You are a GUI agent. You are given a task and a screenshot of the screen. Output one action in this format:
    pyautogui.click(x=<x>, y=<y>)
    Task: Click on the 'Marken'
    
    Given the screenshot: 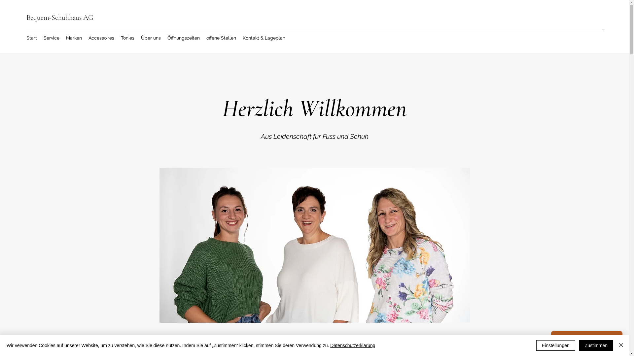 What is the action you would take?
    pyautogui.click(x=74, y=38)
    